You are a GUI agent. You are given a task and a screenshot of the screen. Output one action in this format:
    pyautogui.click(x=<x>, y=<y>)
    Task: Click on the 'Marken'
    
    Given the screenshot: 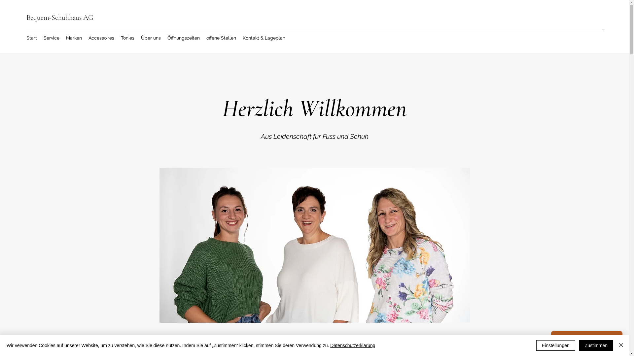 What is the action you would take?
    pyautogui.click(x=74, y=38)
    